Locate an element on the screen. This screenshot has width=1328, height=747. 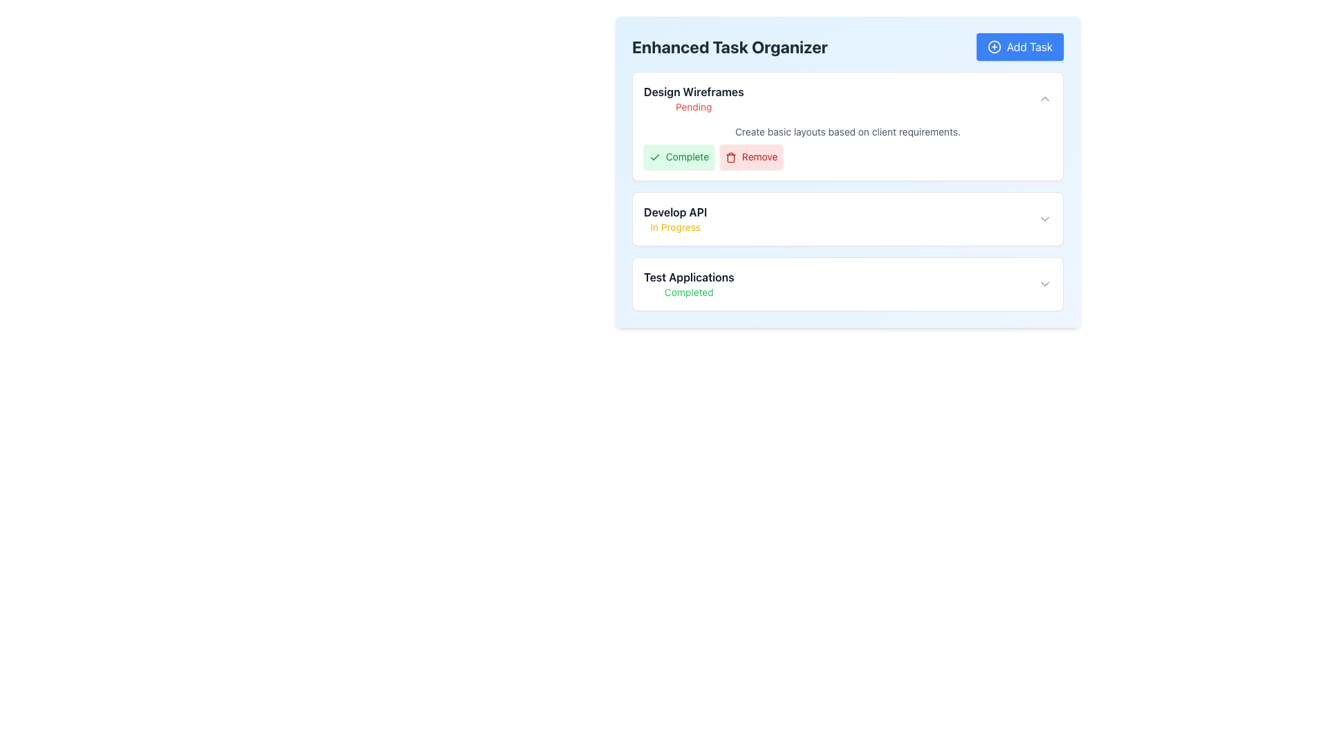
the status of the task named 'Develop API' is located at coordinates (847, 218).